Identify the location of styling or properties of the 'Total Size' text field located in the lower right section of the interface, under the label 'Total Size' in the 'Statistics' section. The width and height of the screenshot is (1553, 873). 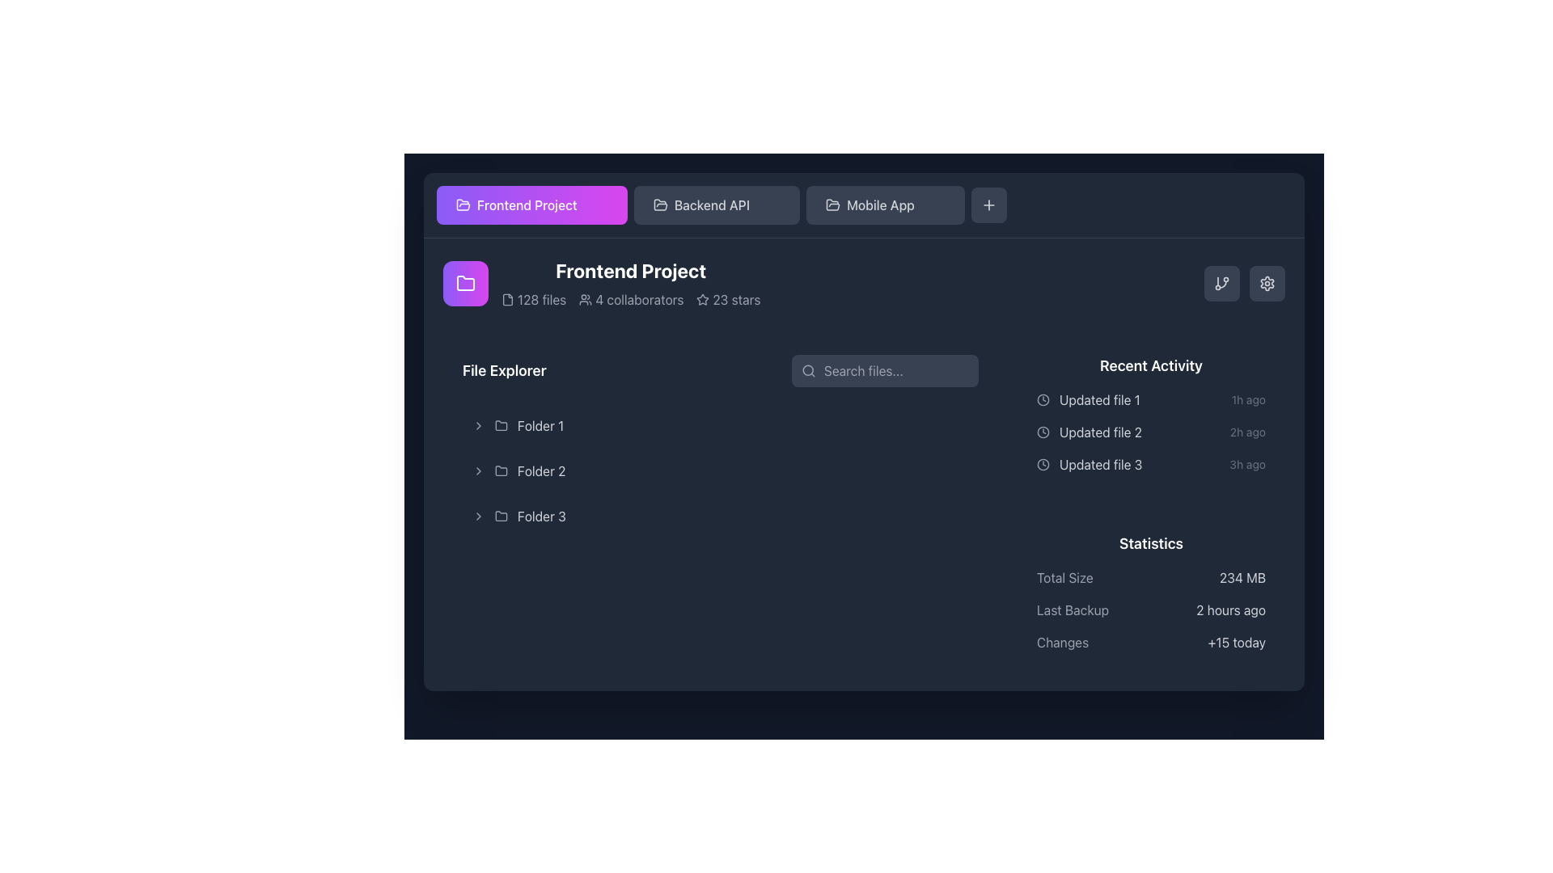
(1242, 576).